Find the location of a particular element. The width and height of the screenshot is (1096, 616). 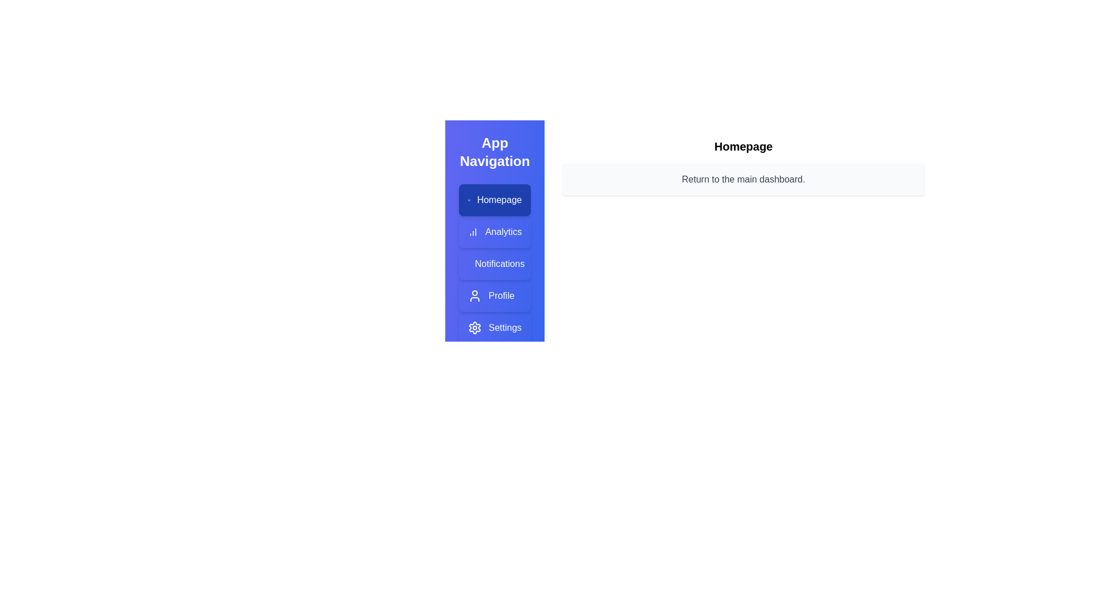

the text block with the light gray background that contains the text 'Return to the main dashboard.' is located at coordinates (743, 180).